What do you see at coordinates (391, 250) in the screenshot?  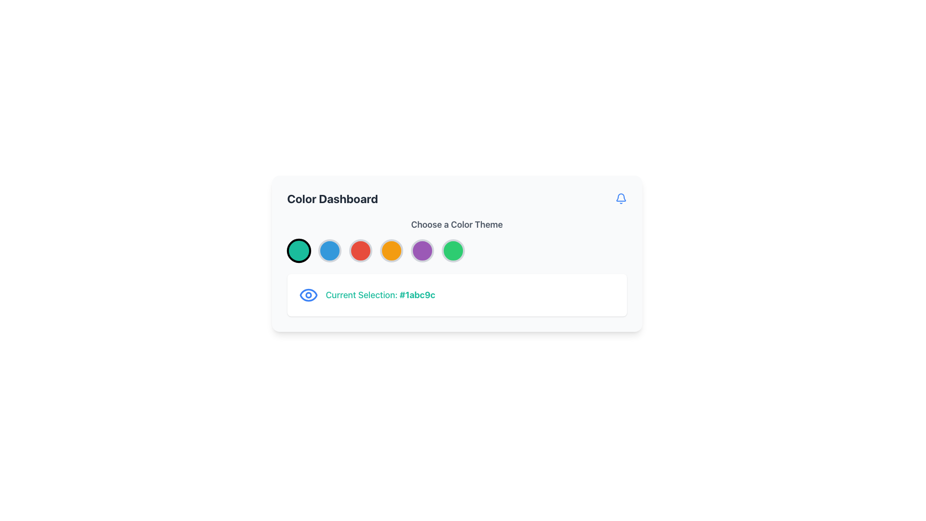 I see `the fourth circular button with an orange background and gray border` at bounding box center [391, 250].